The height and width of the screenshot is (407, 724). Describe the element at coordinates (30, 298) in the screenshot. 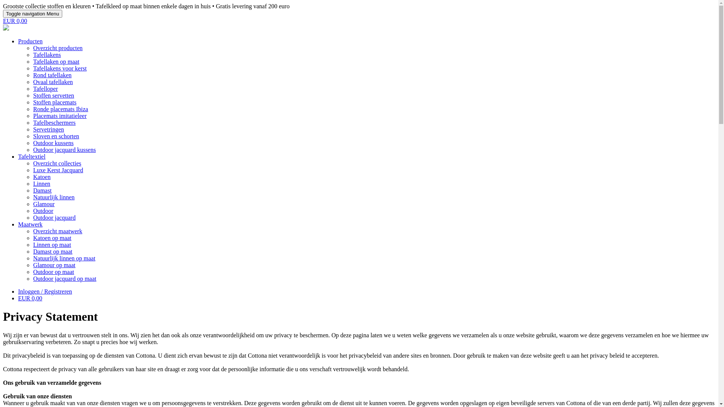

I see `'EUR 0,00'` at that location.